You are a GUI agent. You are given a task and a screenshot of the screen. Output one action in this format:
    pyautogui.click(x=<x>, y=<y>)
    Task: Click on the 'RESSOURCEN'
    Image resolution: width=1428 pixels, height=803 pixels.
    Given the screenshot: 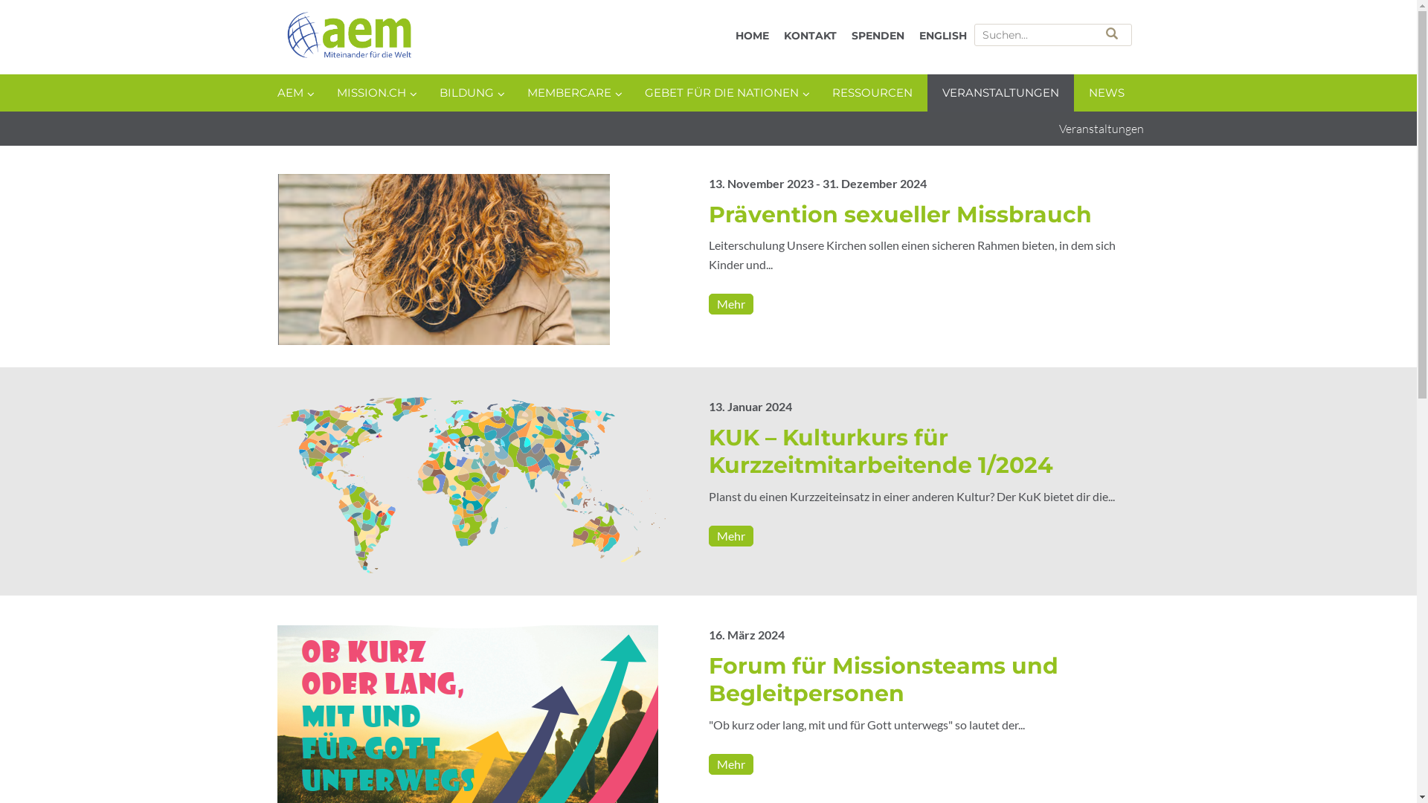 What is the action you would take?
    pyautogui.click(x=871, y=92)
    